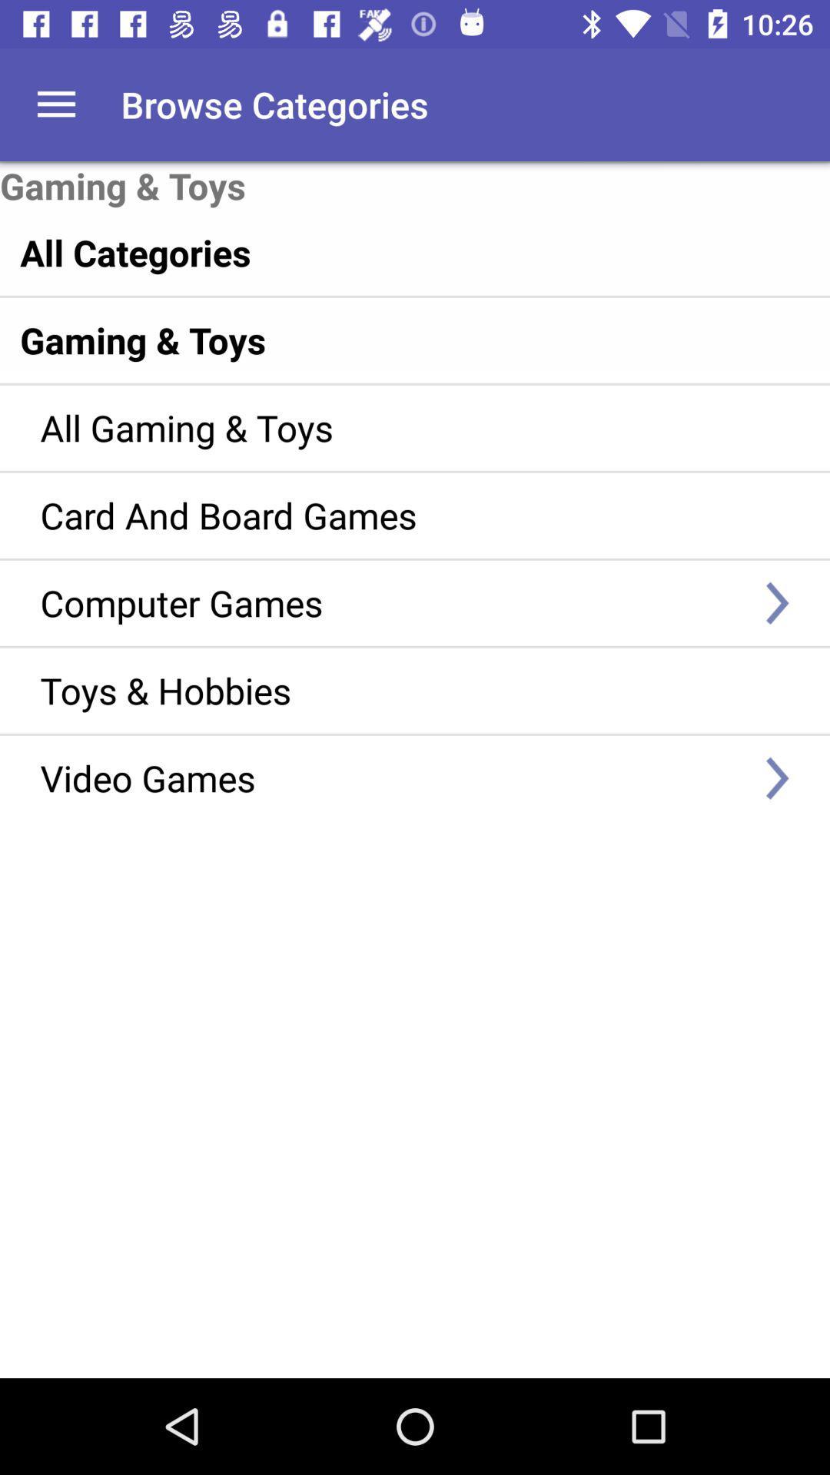  I want to click on the icon above the gaming & toys, so click(381, 252).